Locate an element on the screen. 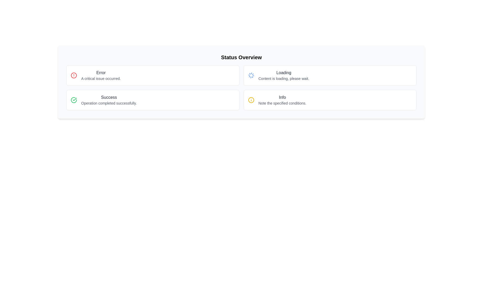  the blue and white animated loader icon located at the top-right of the status card indicating 'Loading' to observe its animation is located at coordinates (251, 75).